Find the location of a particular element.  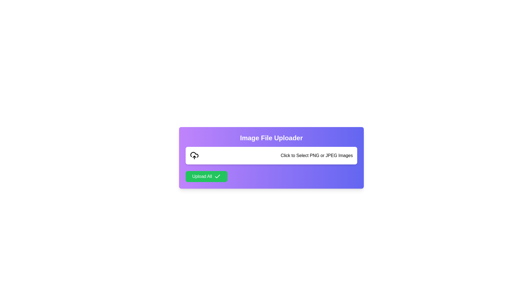

the checkmark icon located on the right side of the green 'Upload All' button at the bottom left of the gradient card titled 'Image File Uploader' is located at coordinates (217, 176).